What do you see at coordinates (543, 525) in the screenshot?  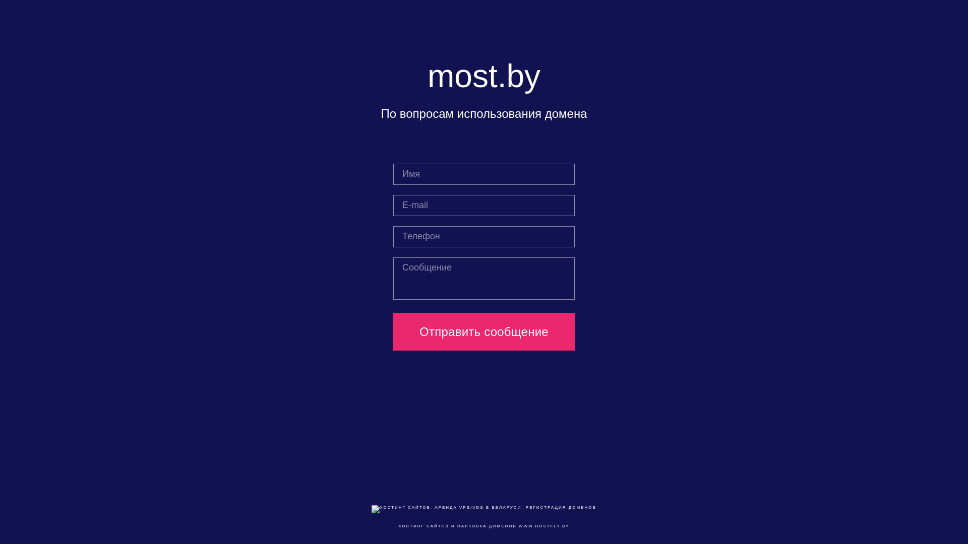 I see `'WWW.HOSTFLY.BY'` at bounding box center [543, 525].